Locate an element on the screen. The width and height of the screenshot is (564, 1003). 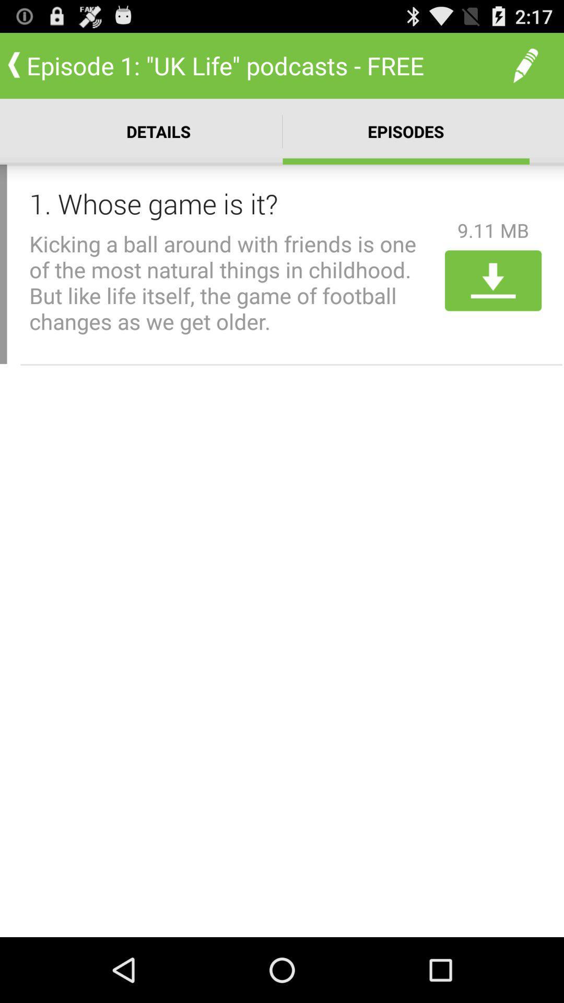
icon next to the 9.11 mb app is located at coordinates (233, 203).